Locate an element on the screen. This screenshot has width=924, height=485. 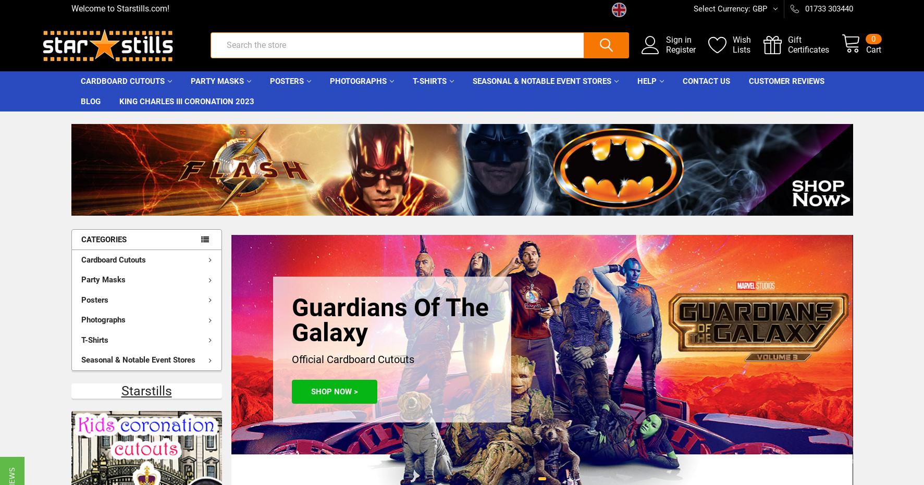
'Official Cardboard Cutouts' is located at coordinates (291, 367).